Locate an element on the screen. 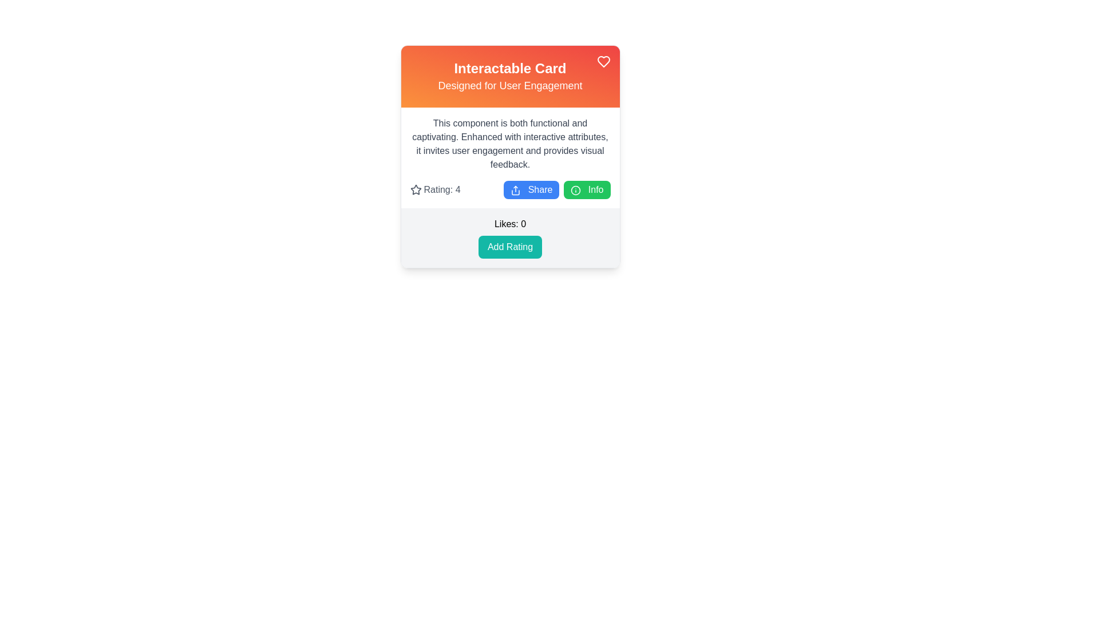 The image size is (1099, 618). the visual representation of the small graphical SVG icon depicting a share symbol with an upward arrow, located centrally to the left of the text 'Share' in the interactive card component is located at coordinates (515, 189).